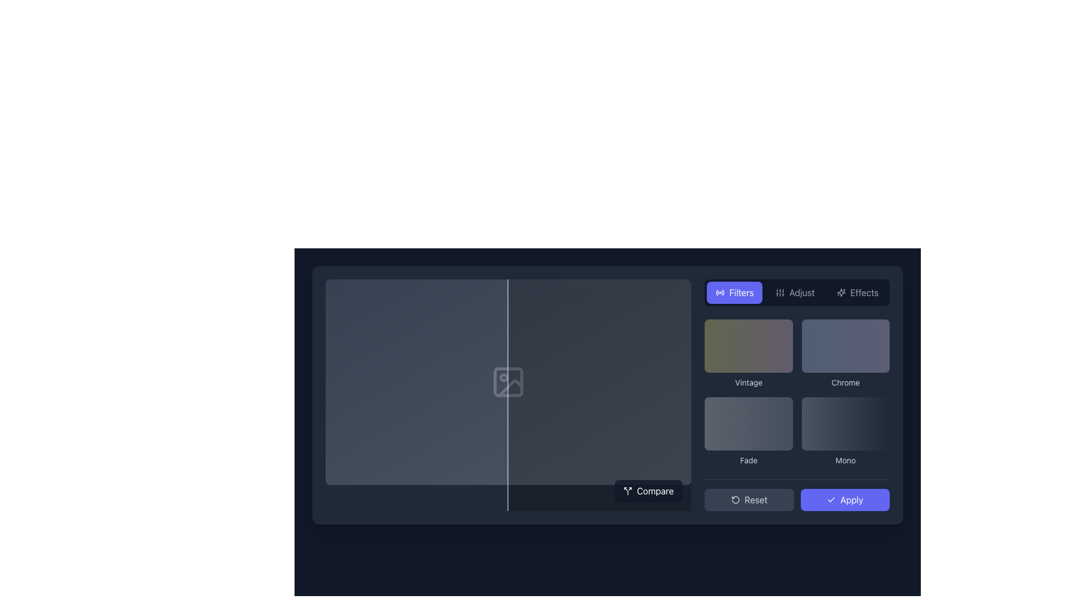 The height and width of the screenshot is (600, 1067). Describe the element at coordinates (845, 499) in the screenshot. I see `the confirmation button located at the bottom-right corner of the interface to apply changes` at that location.